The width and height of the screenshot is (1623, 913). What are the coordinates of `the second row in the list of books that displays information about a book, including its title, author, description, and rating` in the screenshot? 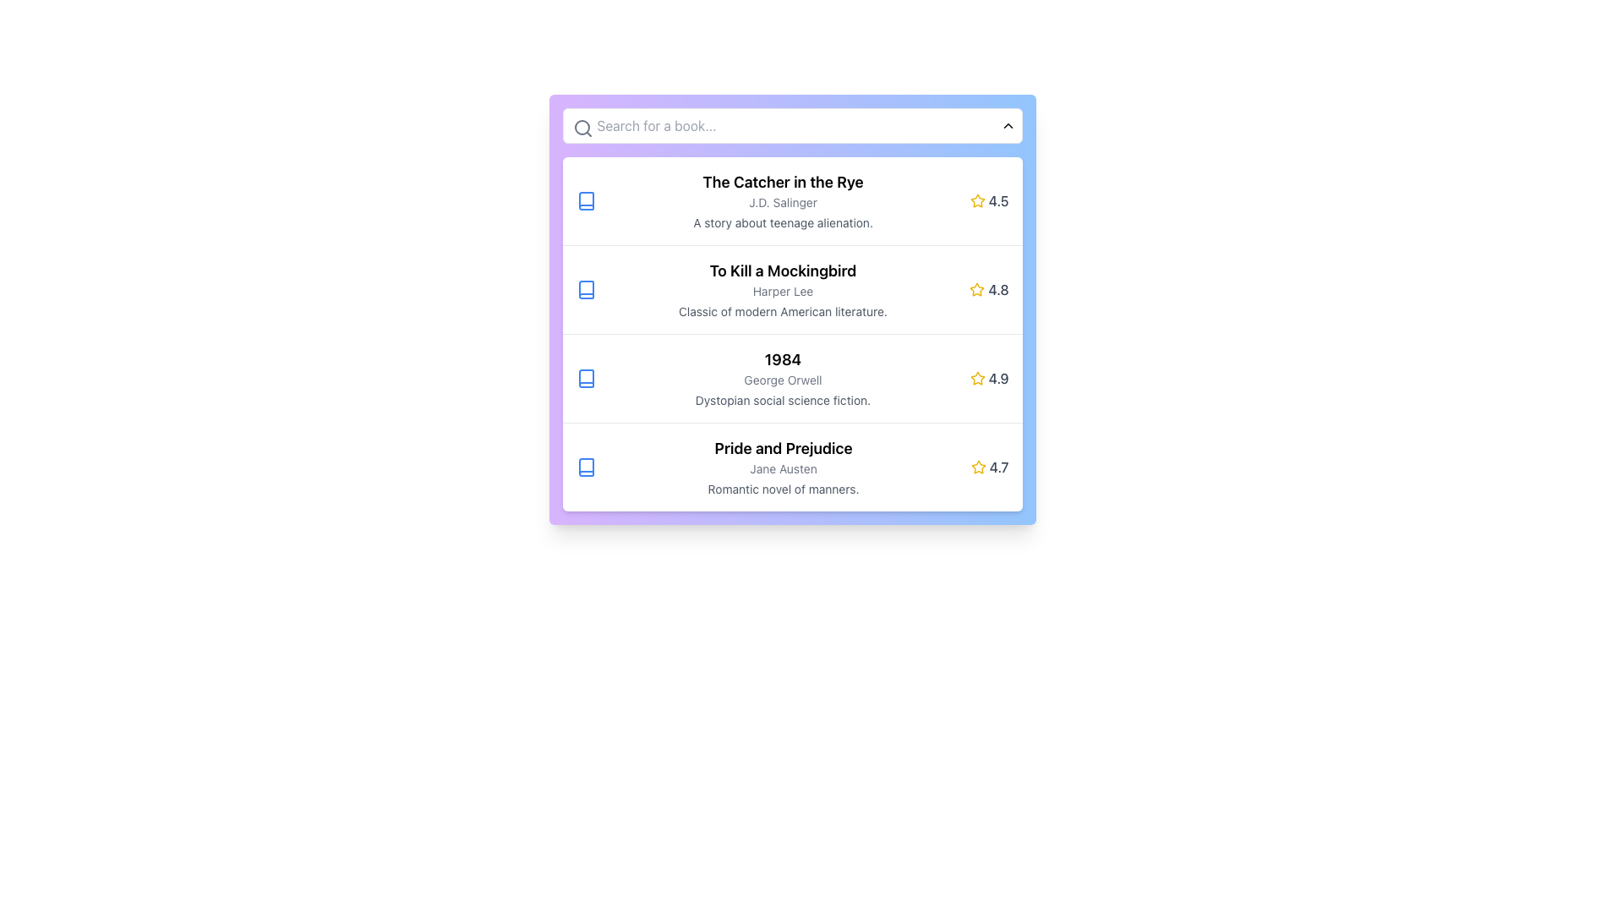 It's located at (791, 288).